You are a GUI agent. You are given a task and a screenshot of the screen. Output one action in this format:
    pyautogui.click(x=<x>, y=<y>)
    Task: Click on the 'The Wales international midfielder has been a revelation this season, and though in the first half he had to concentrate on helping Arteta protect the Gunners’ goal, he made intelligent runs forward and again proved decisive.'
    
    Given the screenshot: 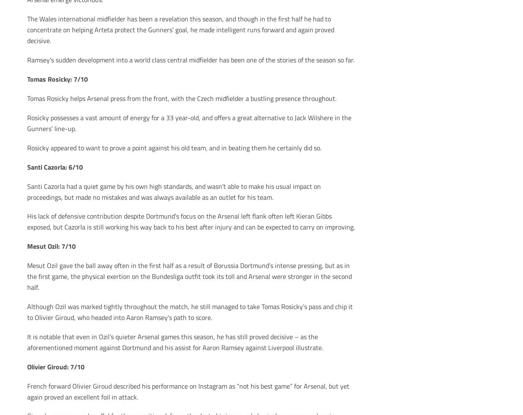 What is the action you would take?
    pyautogui.click(x=180, y=29)
    